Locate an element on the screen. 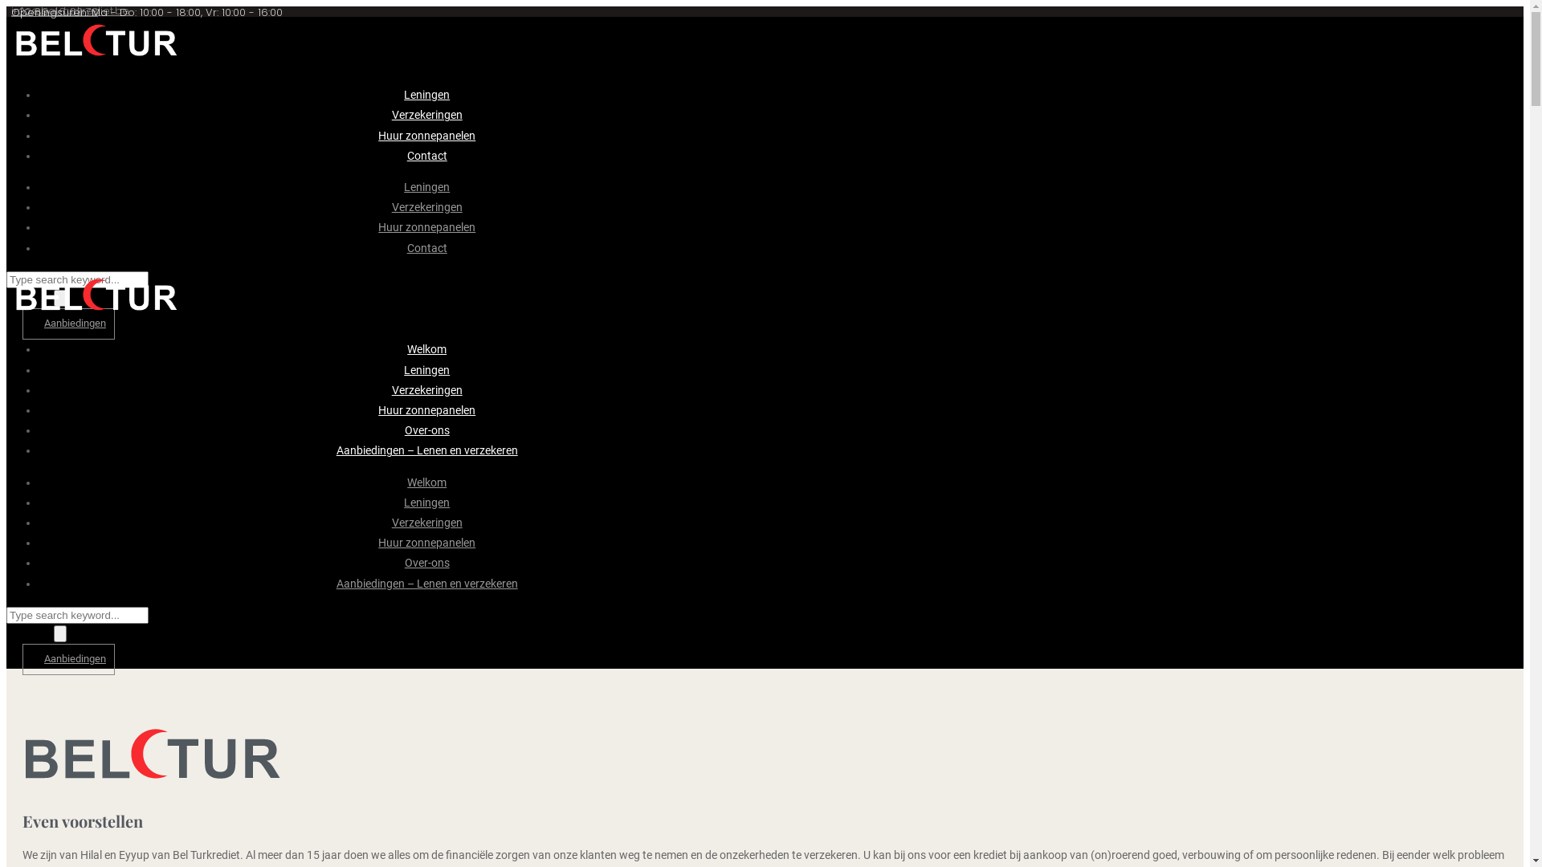 This screenshot has height=867, width=1542. 'logo-donker' is located at coordinates (153, 756).